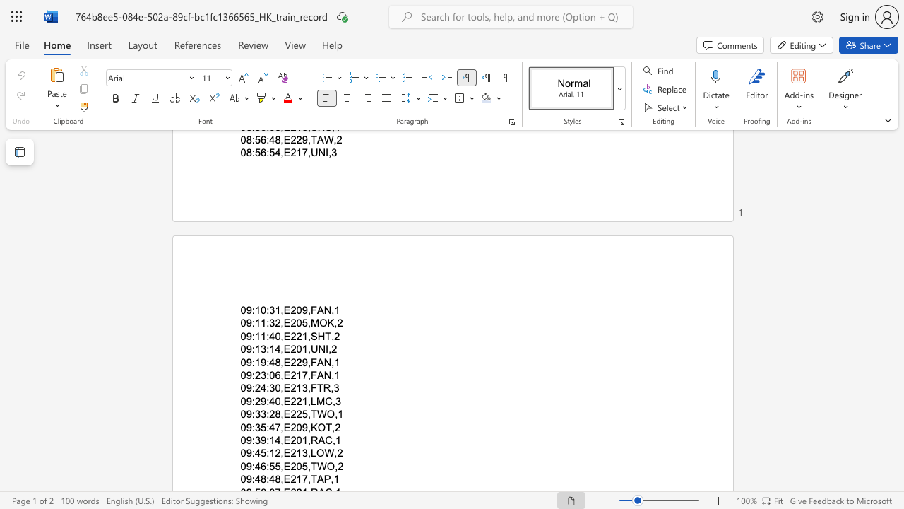 The height and width of the screenshot is (509, 904). Describe the element at coordinates (329, 479) in the screenshot. I see `the space between the continuous character "P" and "," in the text` at that location.